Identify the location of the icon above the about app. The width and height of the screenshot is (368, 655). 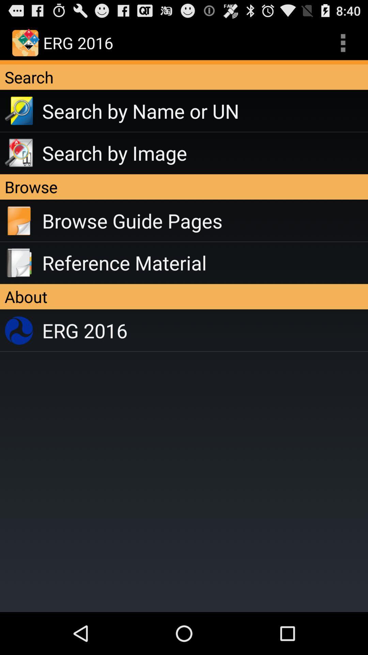
(204, 262).